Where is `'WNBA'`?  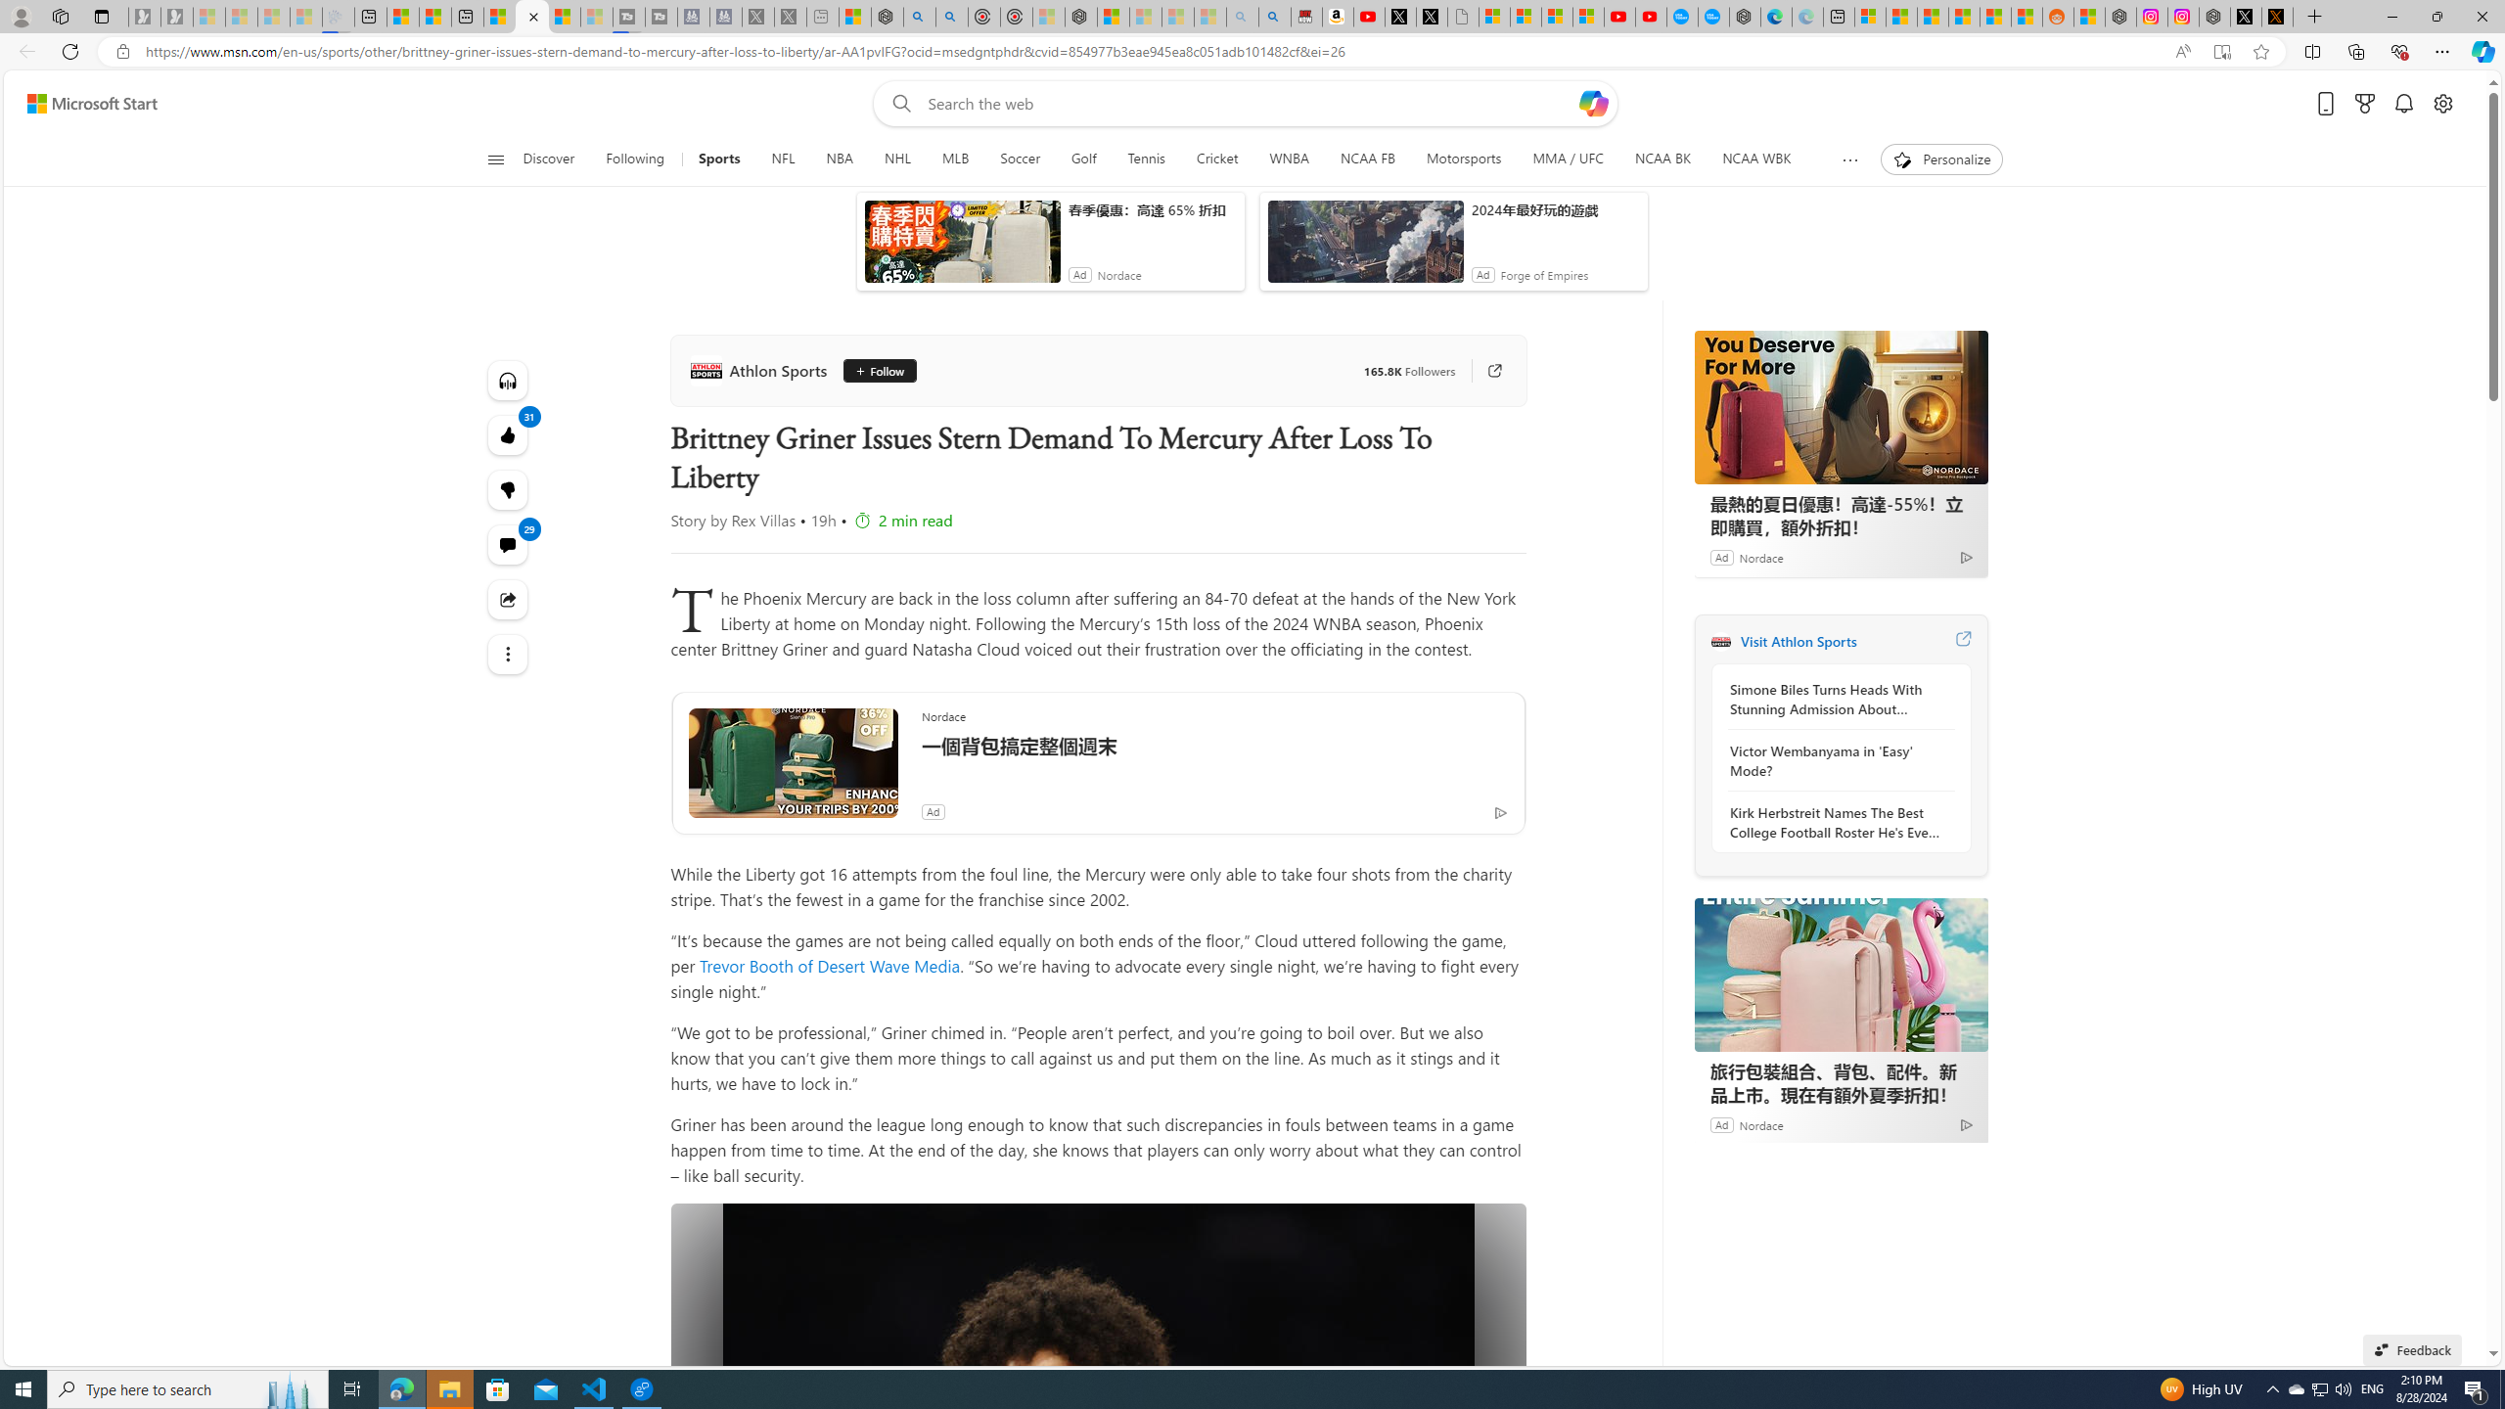
'WNBA' is located at coordinates (1288, 159).